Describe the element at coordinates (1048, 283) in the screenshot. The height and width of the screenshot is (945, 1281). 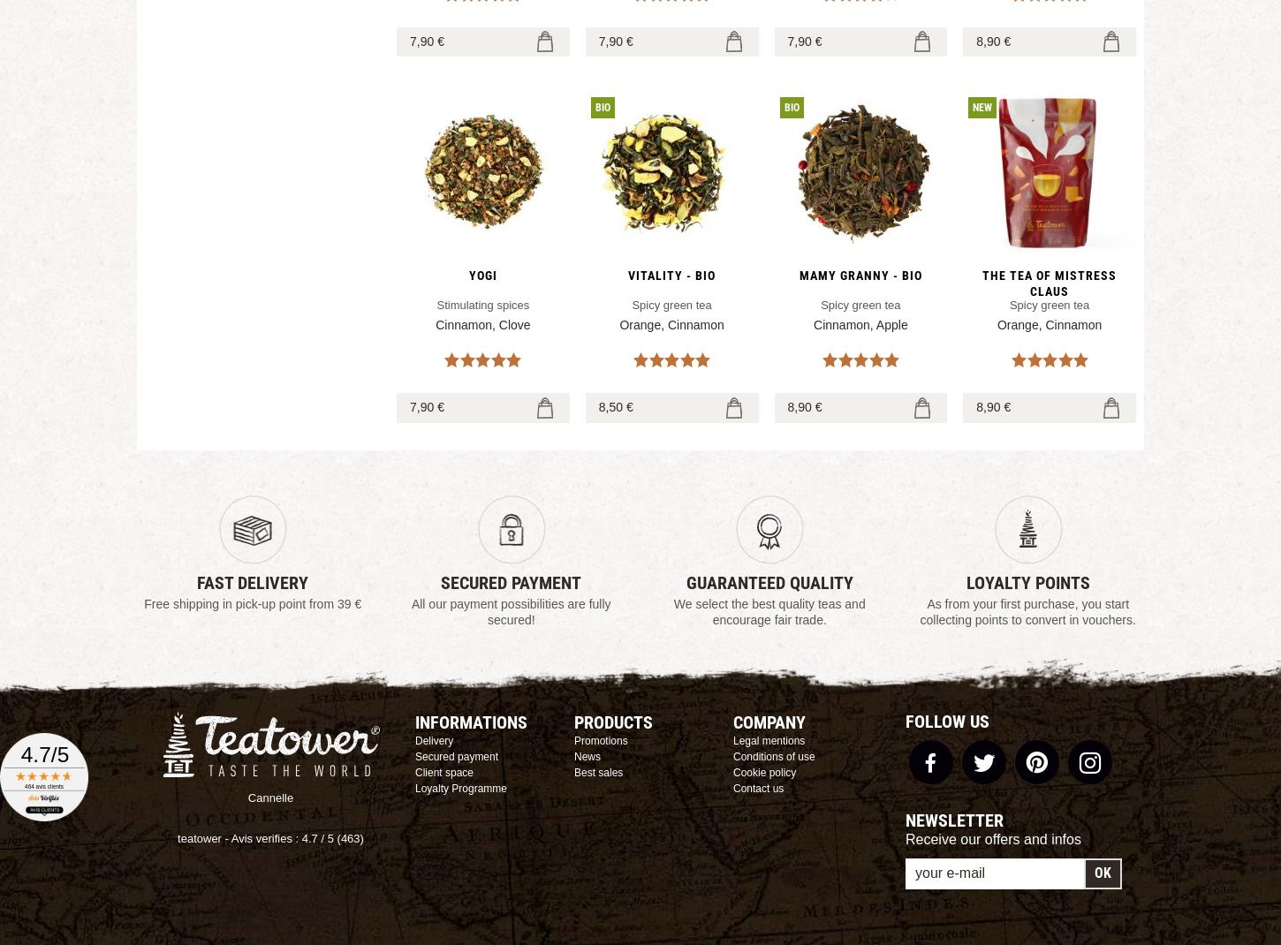
I see `'The tea of Mistress Claus'` at that location.